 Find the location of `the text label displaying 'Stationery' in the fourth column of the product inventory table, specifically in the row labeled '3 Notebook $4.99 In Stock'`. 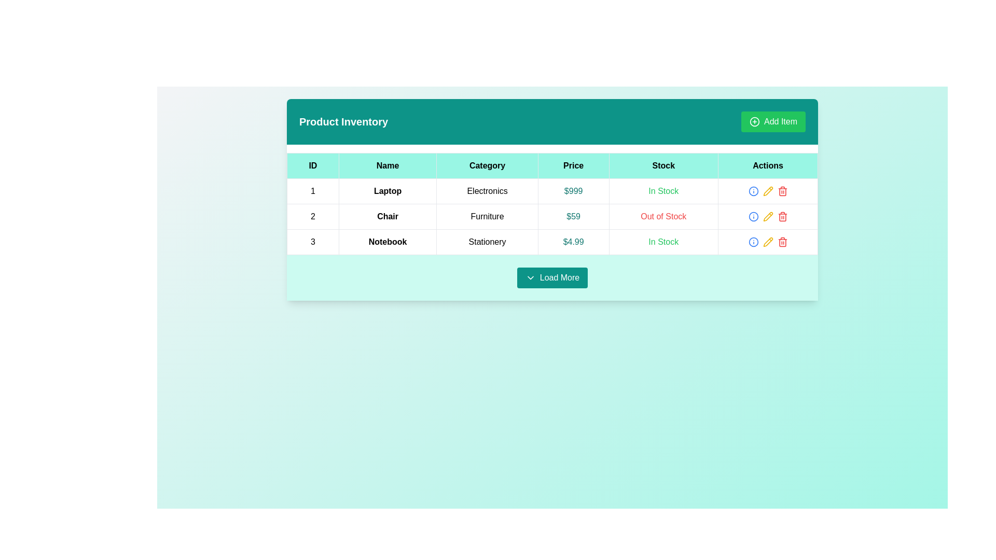

the text label displaying 'Stationery' in the fourth column of the product inventory table, specifically in the row labeled '3 Notebook $4.99 In Stock' is located at coordinates (487, 242).